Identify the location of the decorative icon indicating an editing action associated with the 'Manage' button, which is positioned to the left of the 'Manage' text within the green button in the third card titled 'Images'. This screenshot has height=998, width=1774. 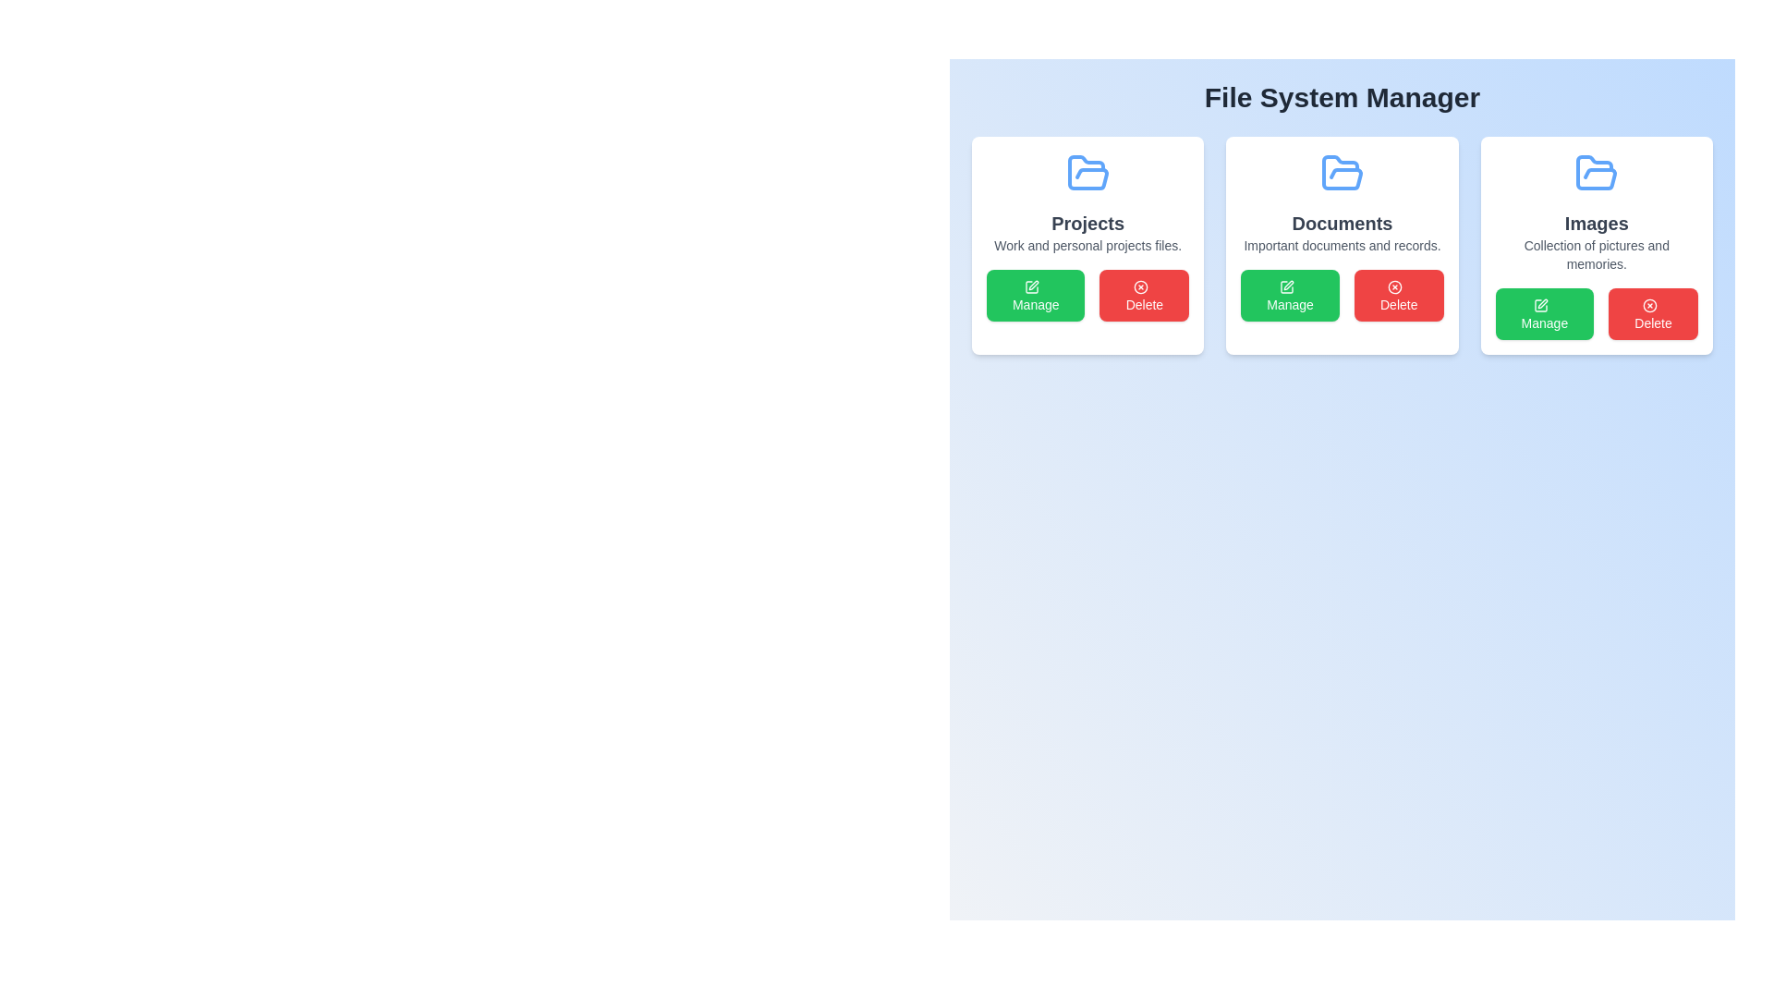
(1540, 305).